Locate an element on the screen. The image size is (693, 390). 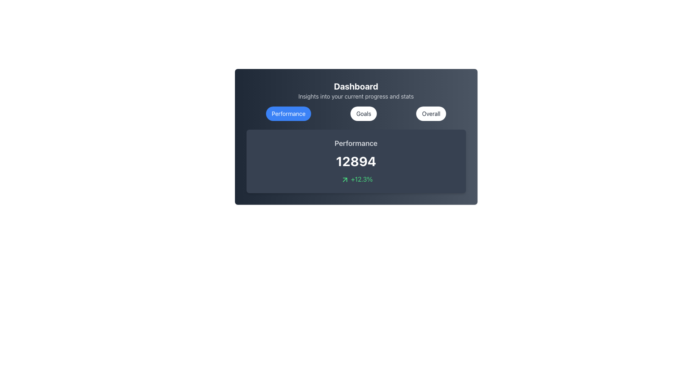
the third button in a group of three horizontally aligned buttons, which is positioned to the right of the 'Performance' and 'Goals' buttons is located at coordinates (431, 114).